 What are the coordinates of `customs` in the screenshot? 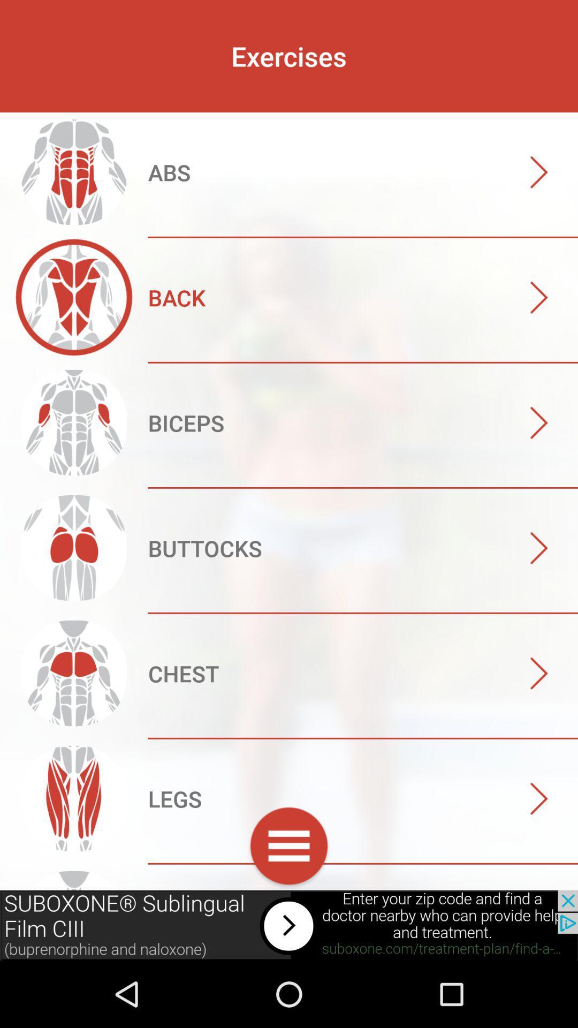 It's located at (289, 848).